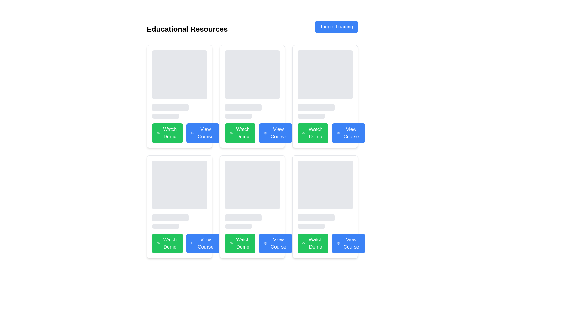  Describe the element at coordinates (325, 133) in the screenshot. I see `the green button labeled 'Watch Demo' with a chain link icon` at that location.